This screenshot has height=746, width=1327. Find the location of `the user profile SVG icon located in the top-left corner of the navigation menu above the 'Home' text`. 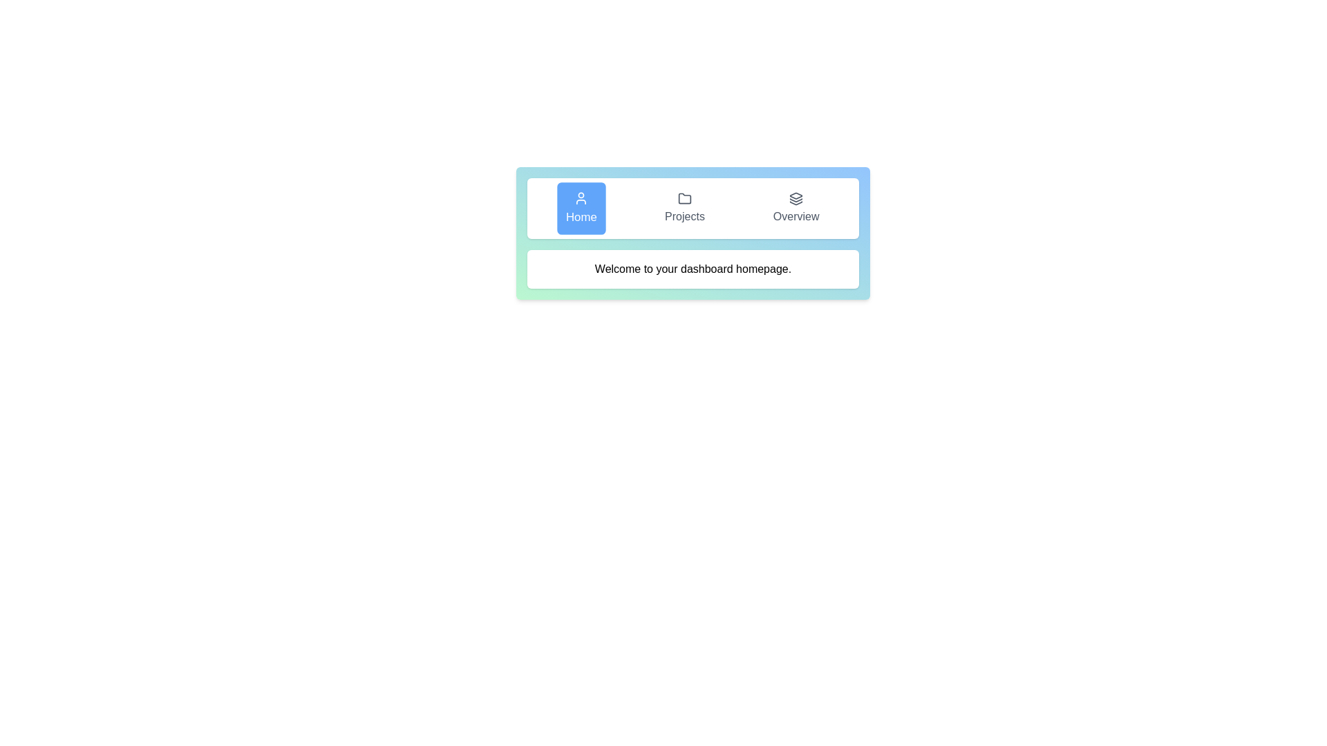

the user profile SVG icon located in the top-left corner of the navigation menu above the 'Home' text is located at coordinates (581, 198).